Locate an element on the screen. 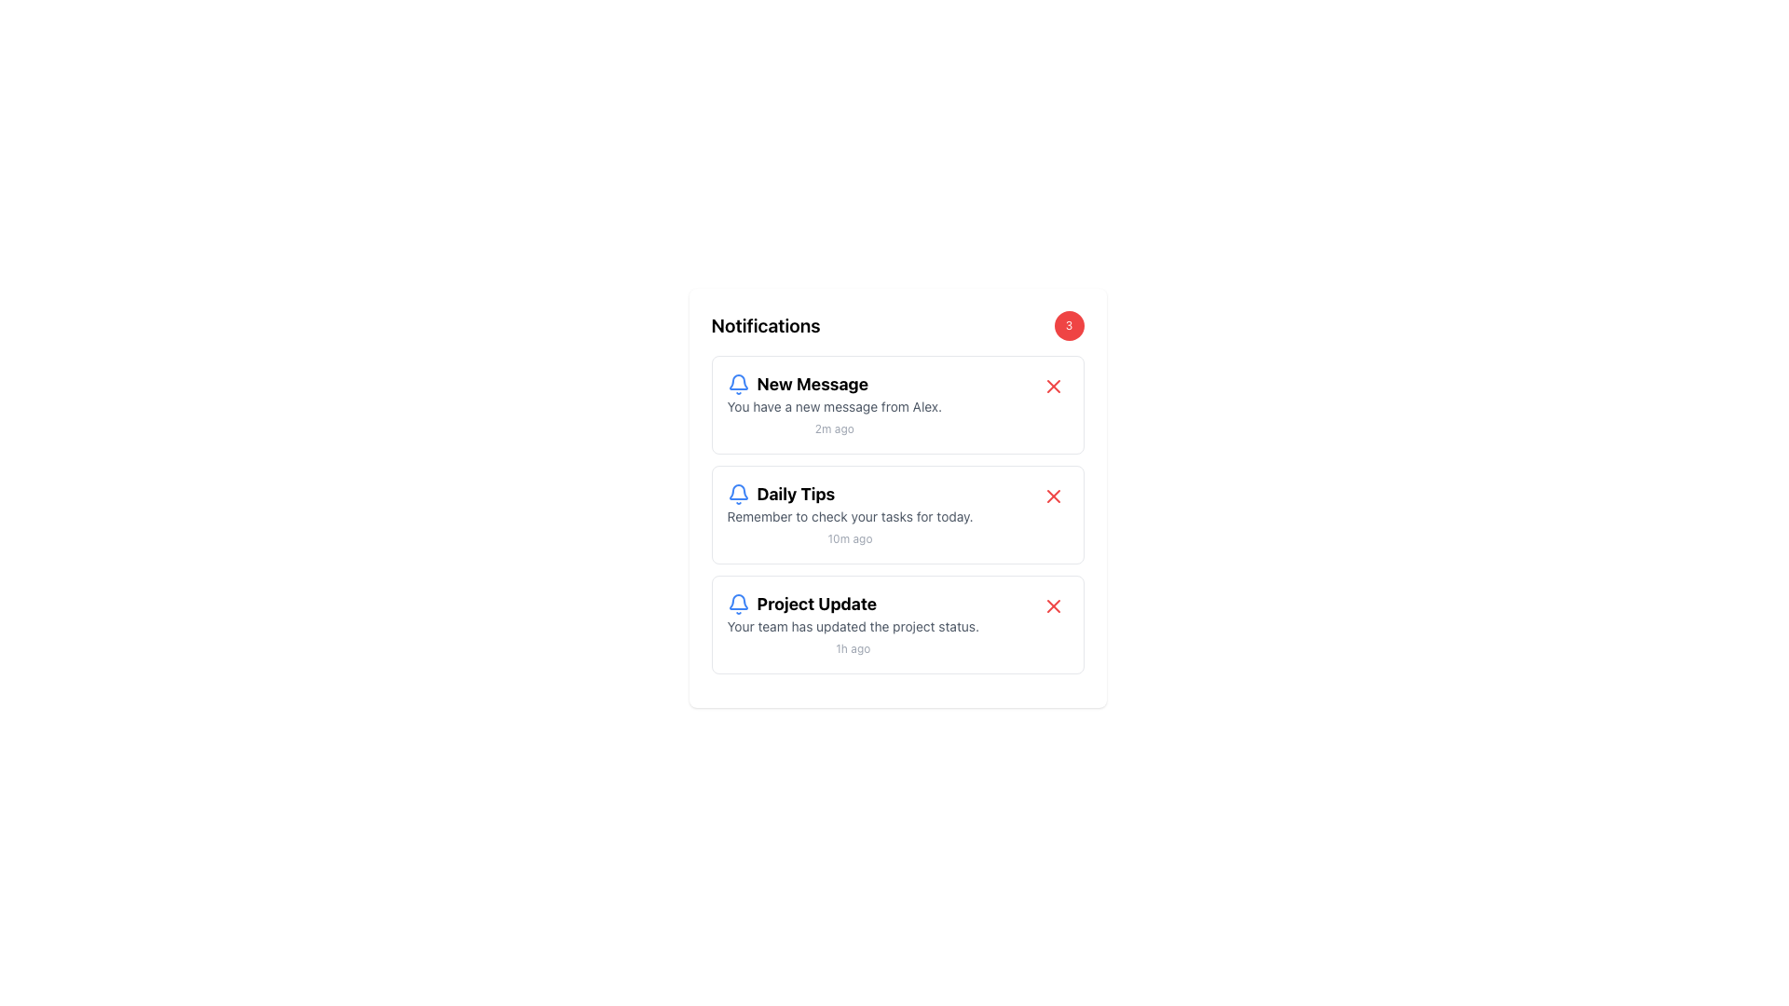 The width and height of the screenshot is (1789, 1006). the '10m ago' text label in the Daily Tips notification card, which is styled in a gray font and positioned near the bottom-right corner is located at coordinates (849, 538).